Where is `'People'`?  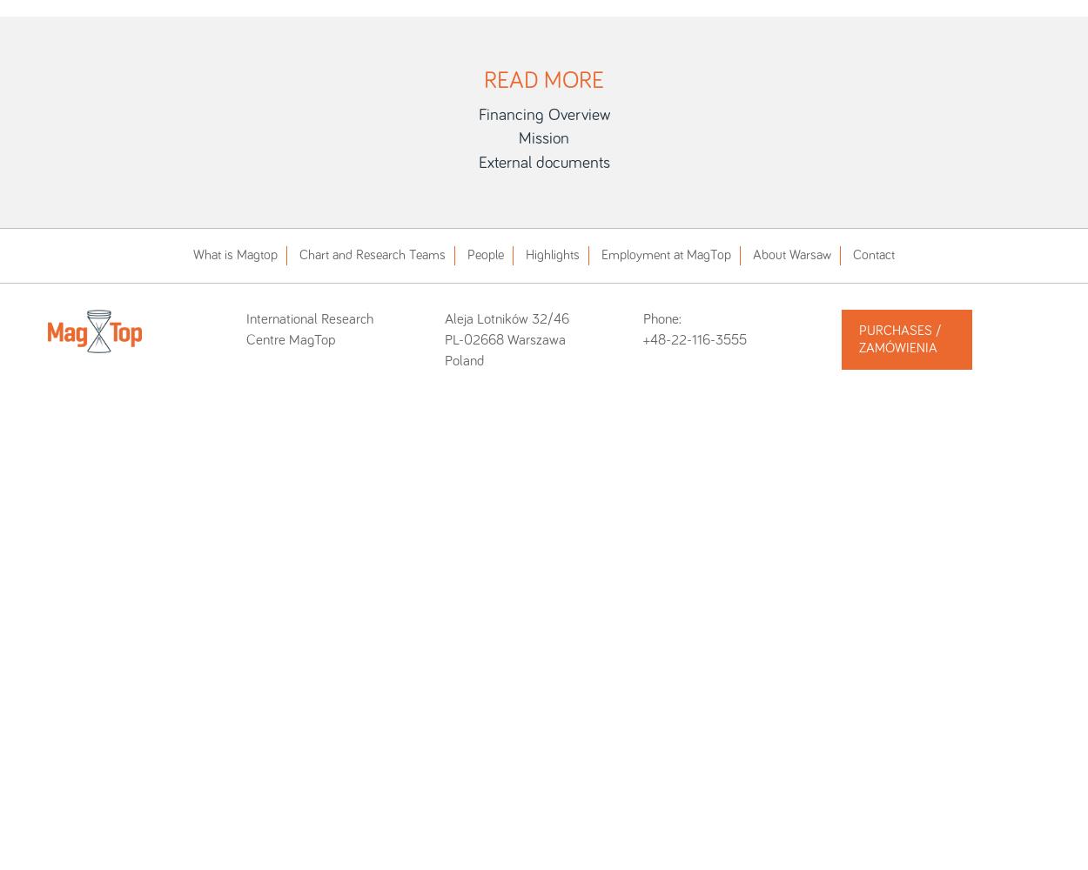
'People' is located at coordinates (486, 254).